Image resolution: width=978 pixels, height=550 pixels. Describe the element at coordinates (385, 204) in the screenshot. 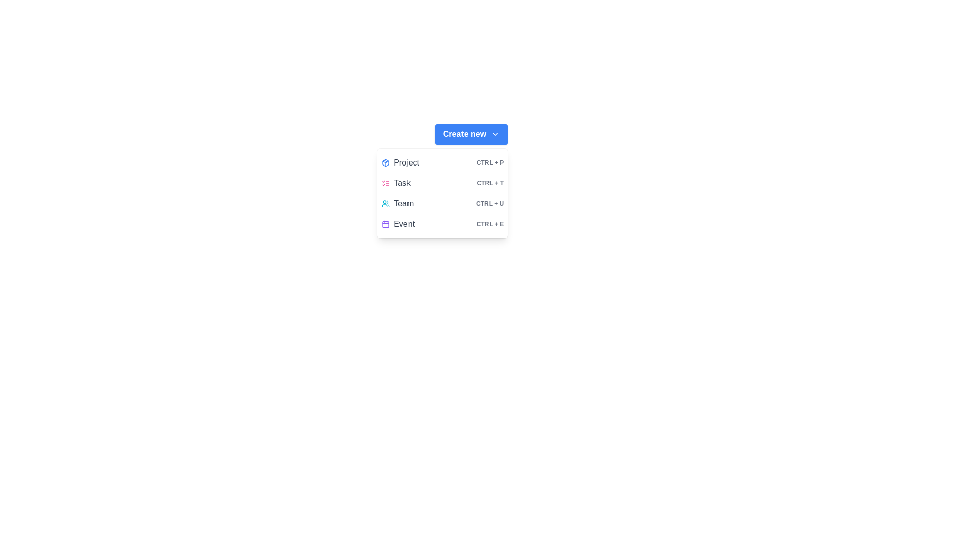

I see `the 'Team' icon in the dropdown menu, which is located to the left of the 'Team' text and is the third option in the list below the 'Create new' button` at that location.